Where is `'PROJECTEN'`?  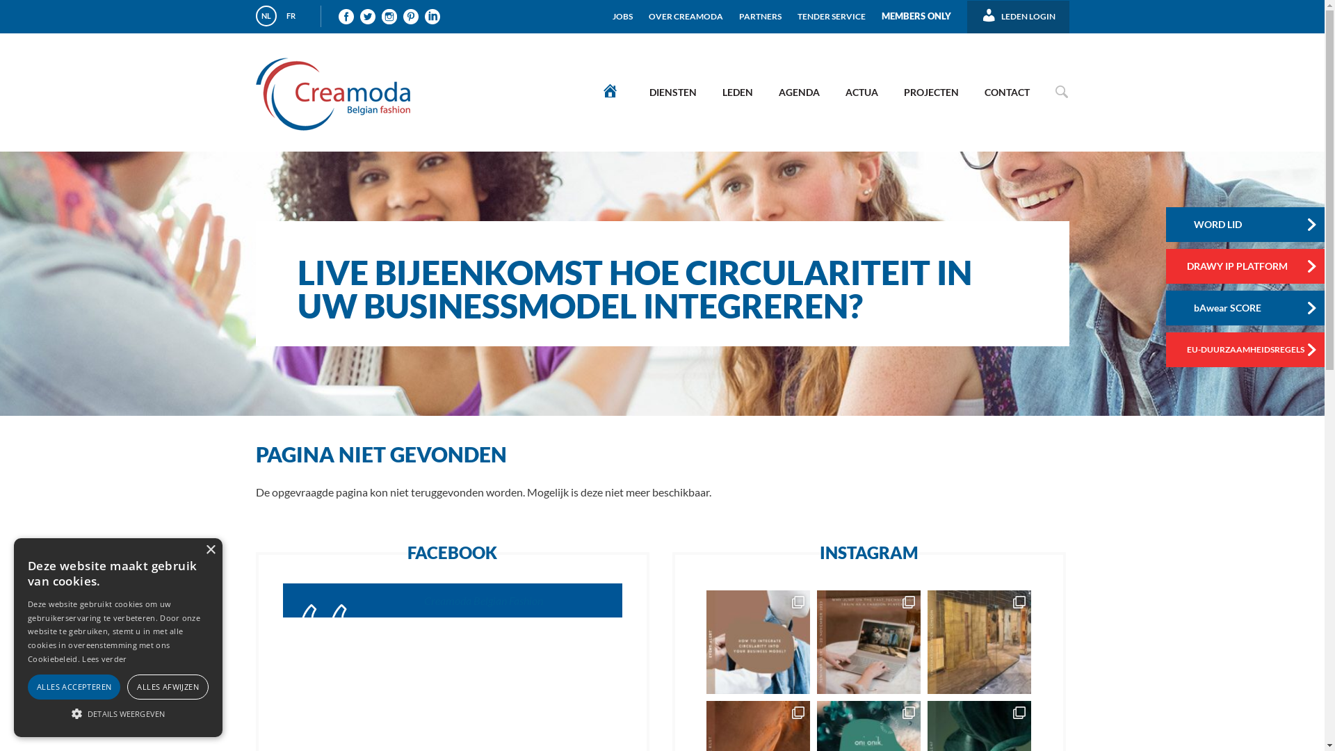
'PROJECTEN' is located at coordinates (930, 92).